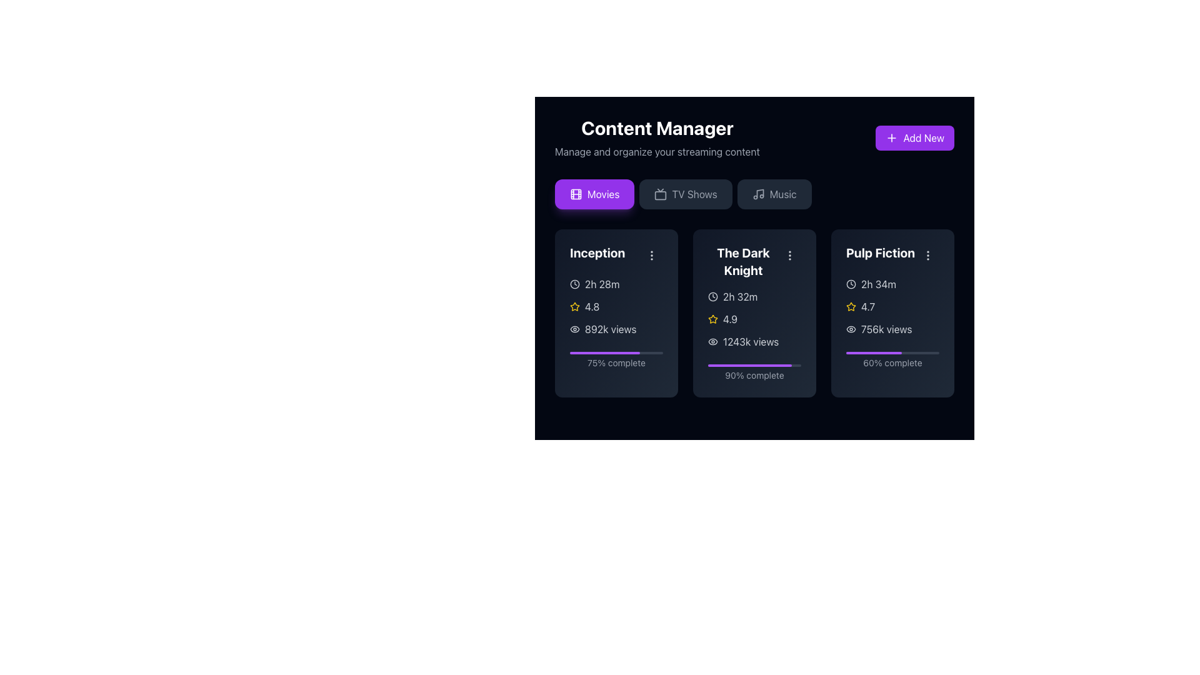  I want to click on the 'Add New' text label located on the button with a purple background in the top-right corner of the user interface, so click(924, 137).